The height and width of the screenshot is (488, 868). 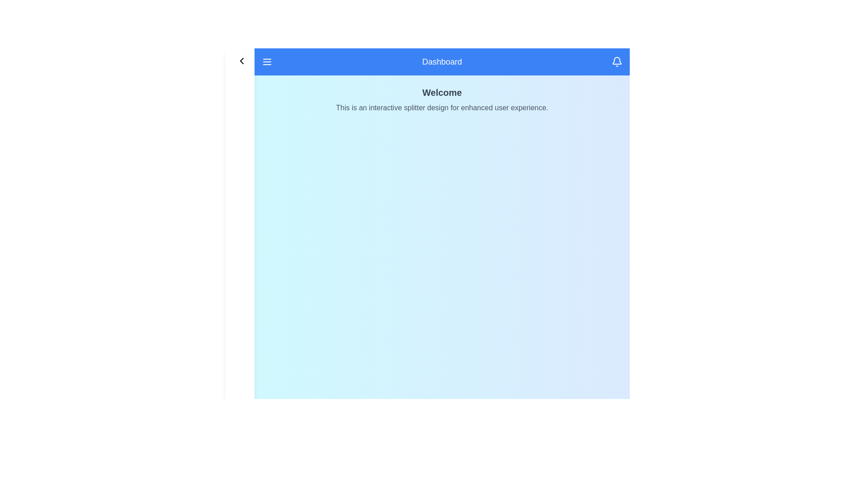 I want to click on the menu toggle button located on the leftmost side of the blue top bar named 'Dashboard', so click(x=266, y=61).